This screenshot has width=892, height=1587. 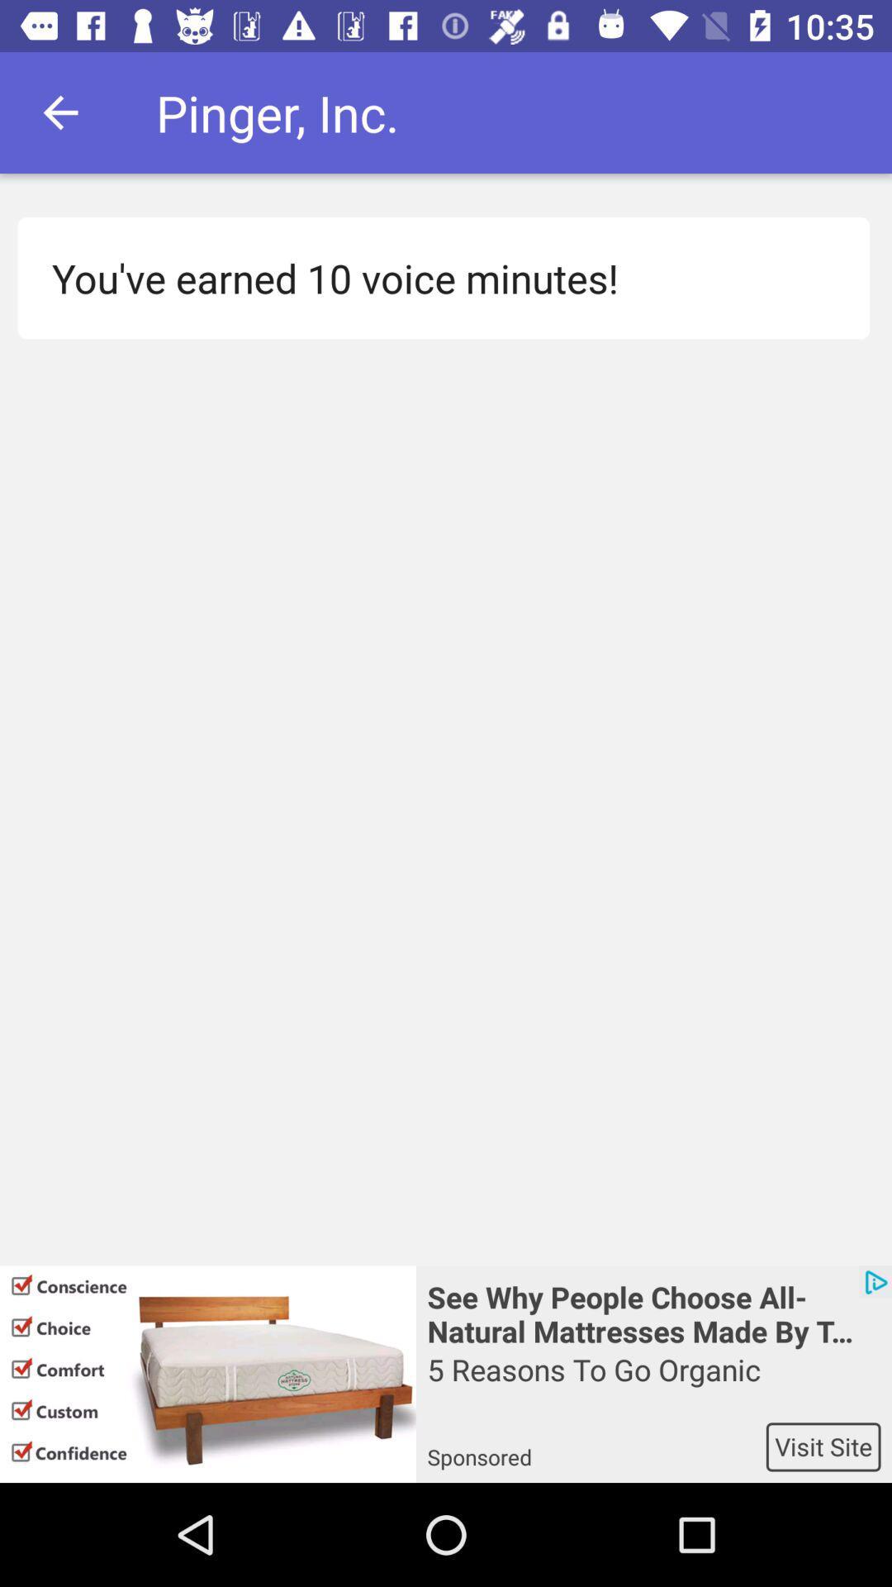 I want to click on the item below the you ve earned item, so click(x=652, y=1312).